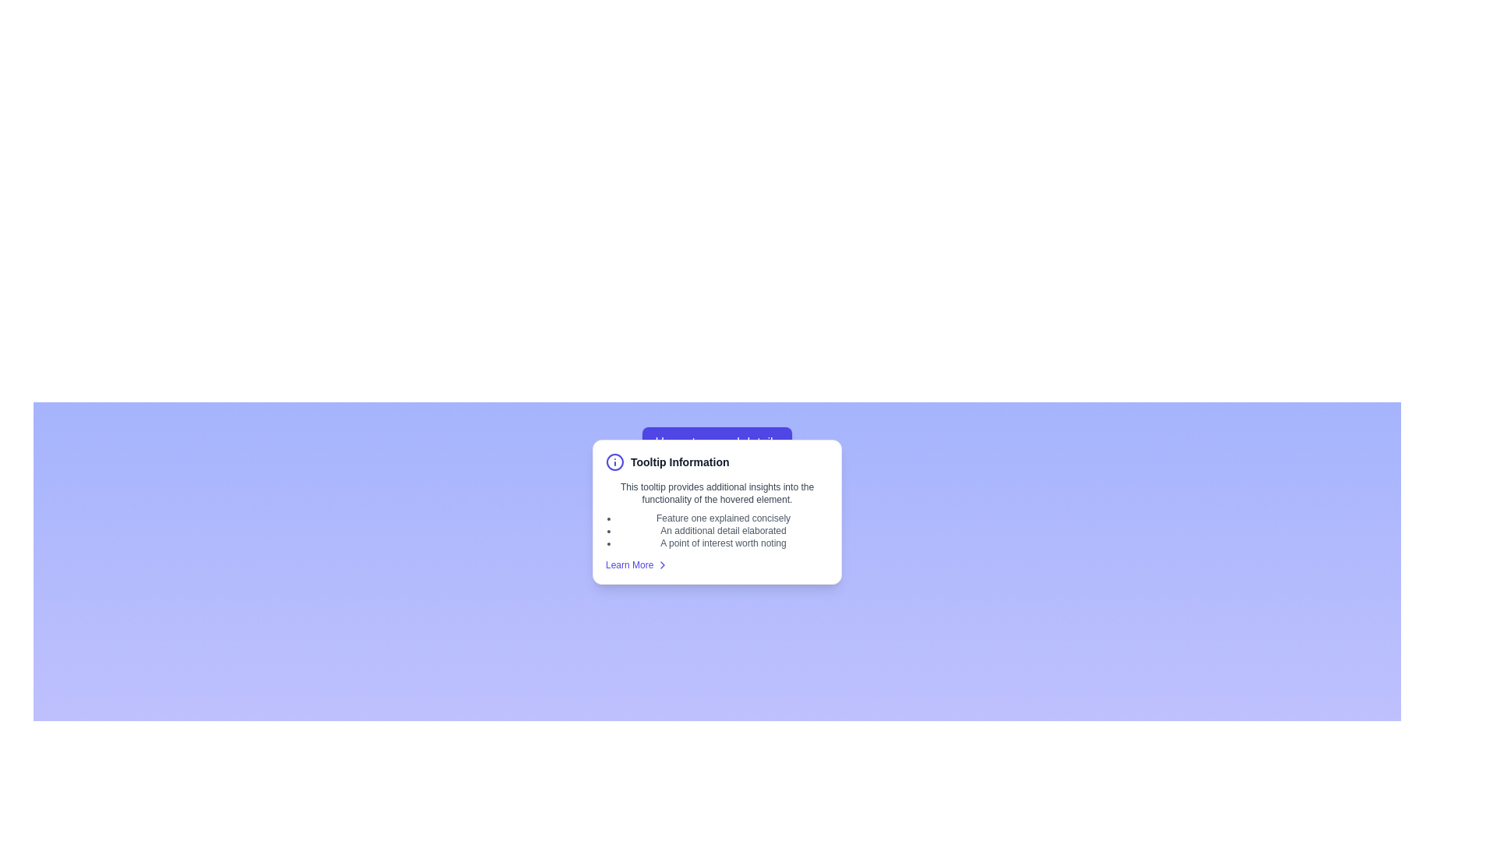 The image size is (1497, 842). Describe the element at coordinates (722, 530) in the screenshot. I see `the text block containing three bullet-point items, which is styled with a small gray font and positioned in the middle of the tooltip interface` at that location.